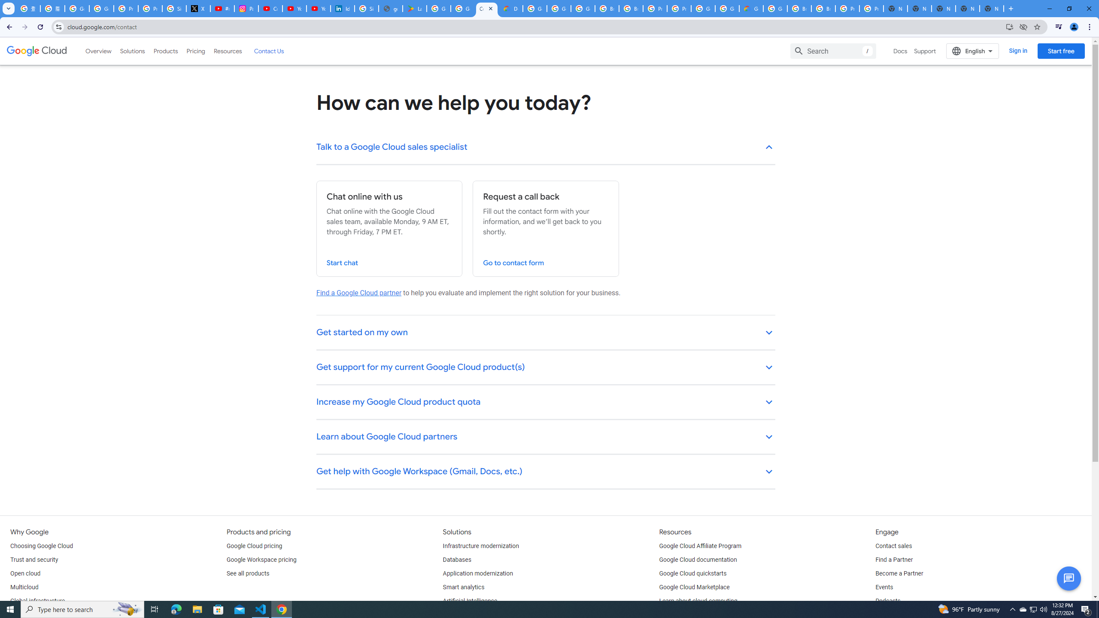 The width and height of the screenshot is (1099, 618). Describe the element at coordinates (887, 601) in the screenshot. I see `'Podcasts'` at that location.